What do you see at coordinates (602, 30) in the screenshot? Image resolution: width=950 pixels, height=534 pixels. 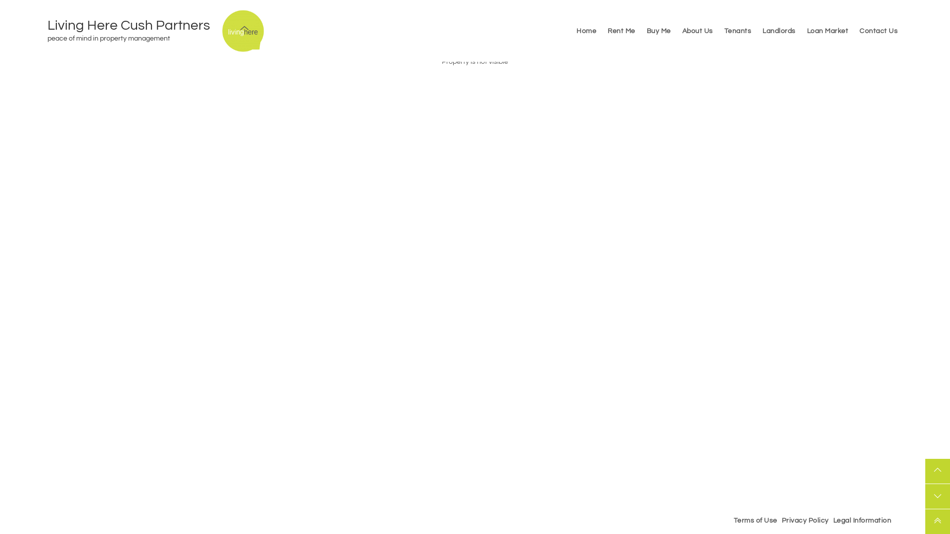 I see `'Rent Me'` at bounding box center [602, 30].